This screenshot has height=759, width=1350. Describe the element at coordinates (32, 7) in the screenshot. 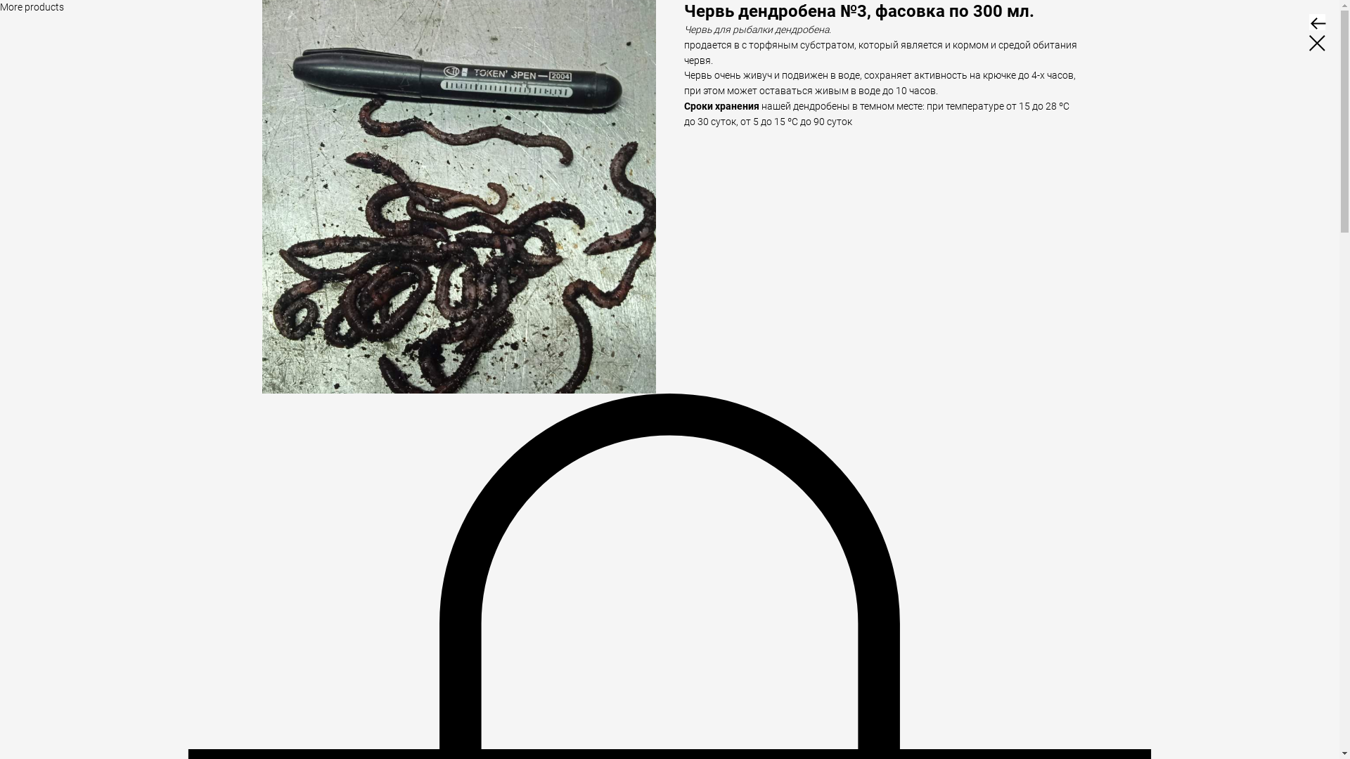

I see `'More products'` at that location.